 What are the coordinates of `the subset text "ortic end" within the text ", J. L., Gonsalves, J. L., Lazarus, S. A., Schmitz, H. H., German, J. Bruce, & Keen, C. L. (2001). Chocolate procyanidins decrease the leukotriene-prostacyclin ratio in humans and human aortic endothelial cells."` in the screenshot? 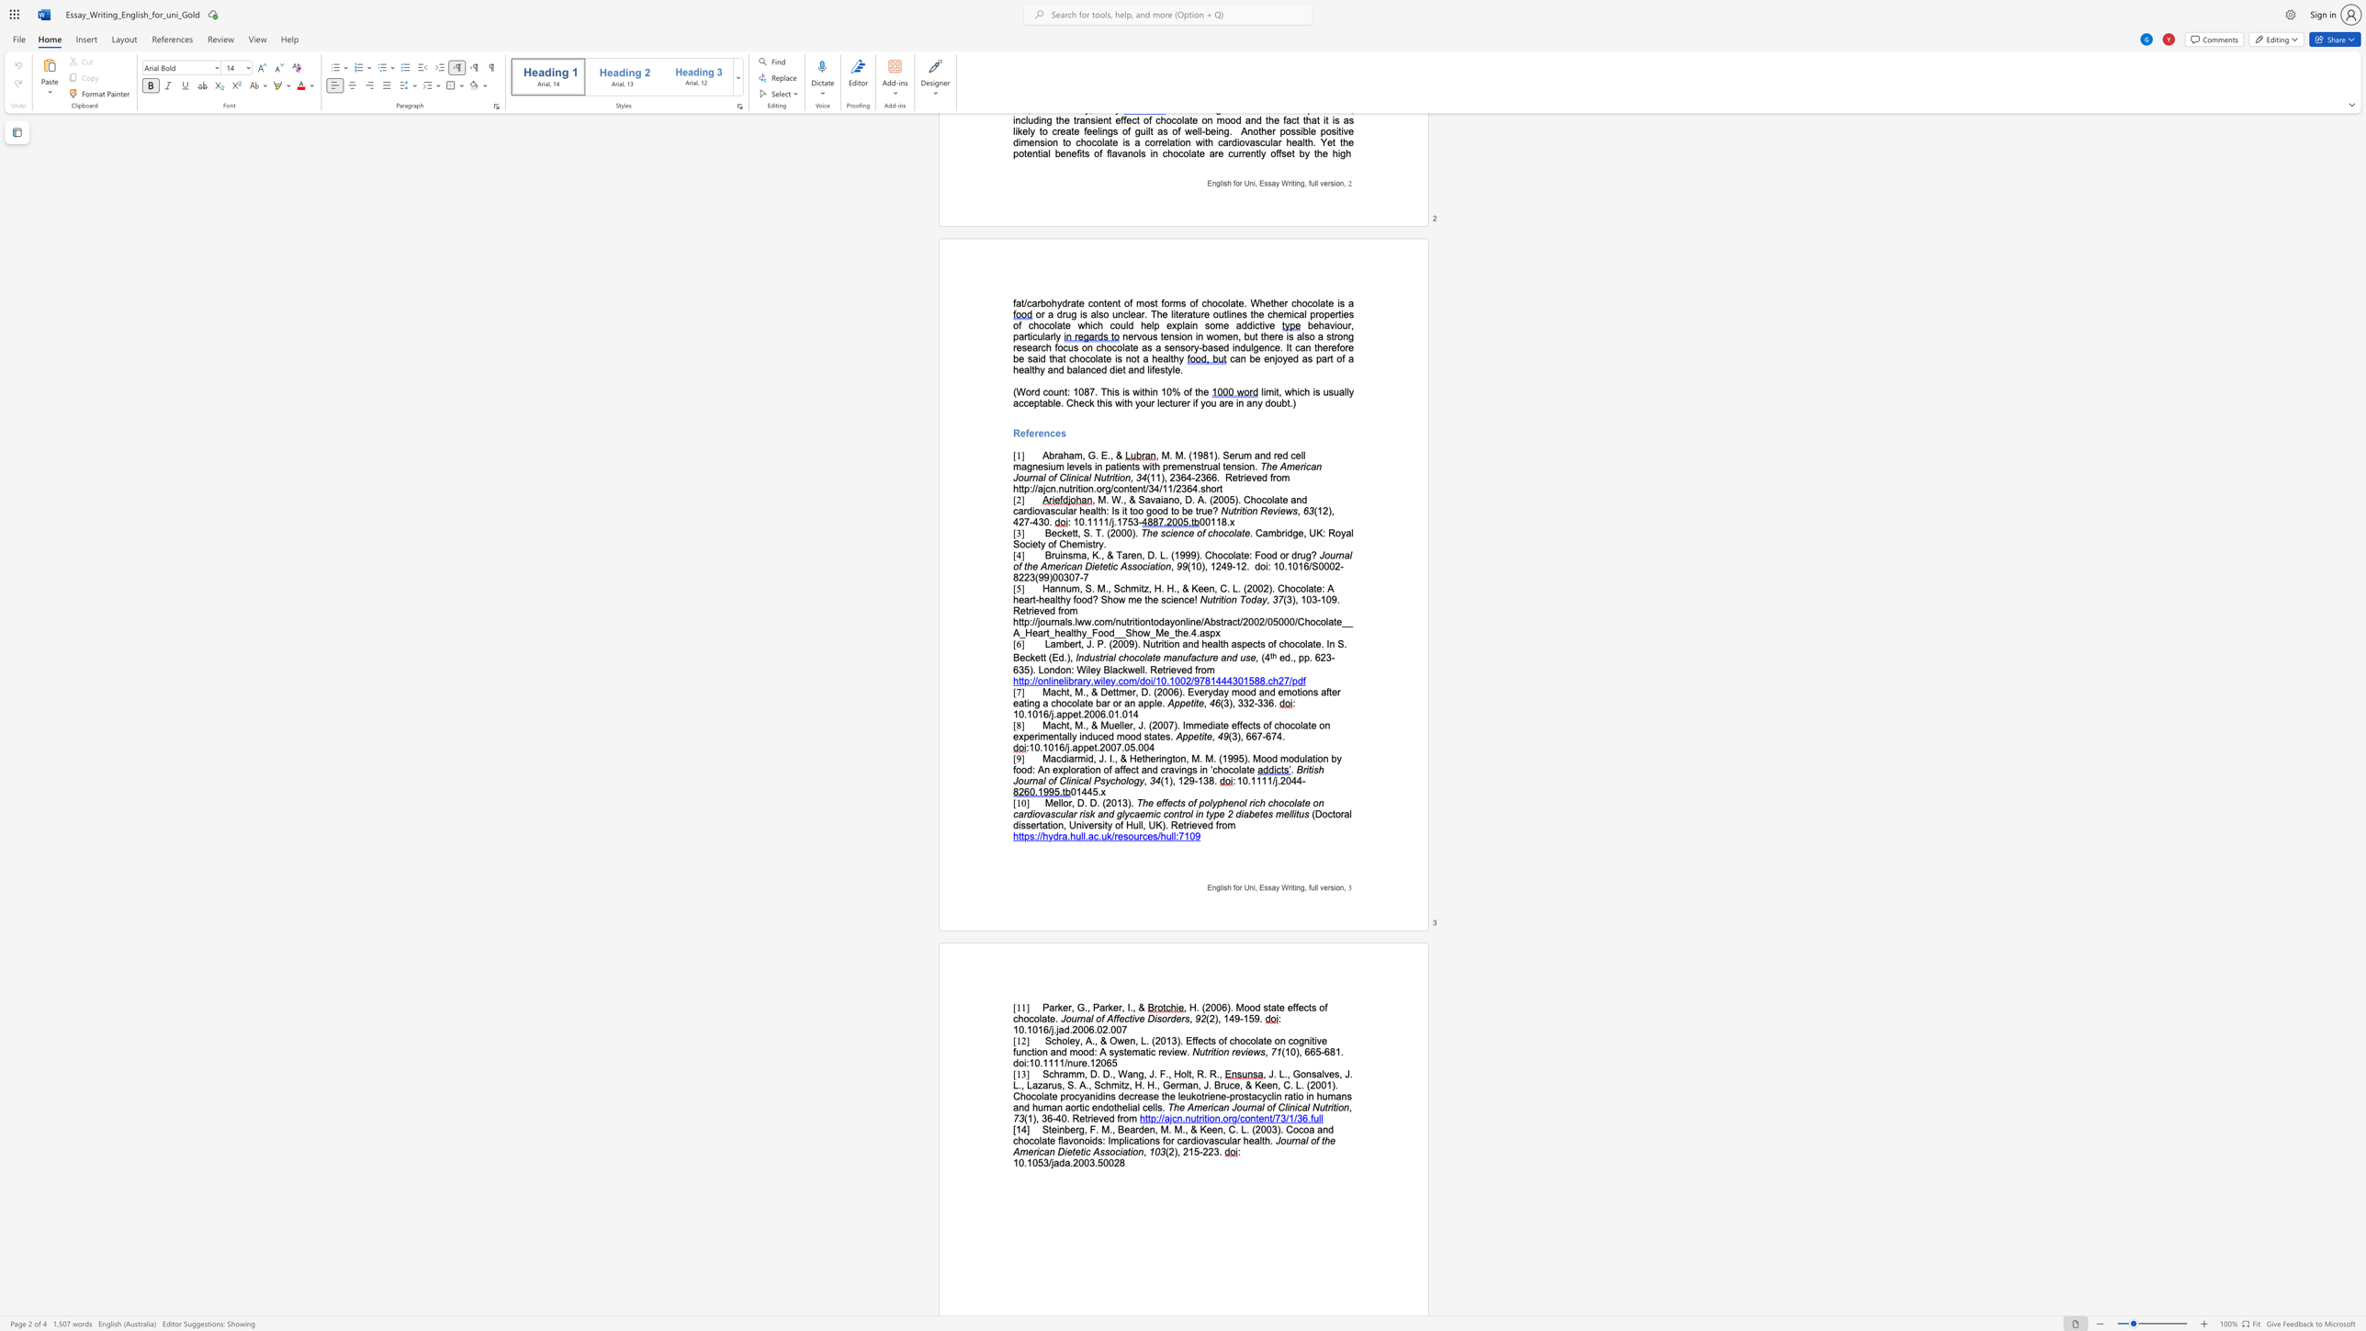 It's located at (1069, 1107).